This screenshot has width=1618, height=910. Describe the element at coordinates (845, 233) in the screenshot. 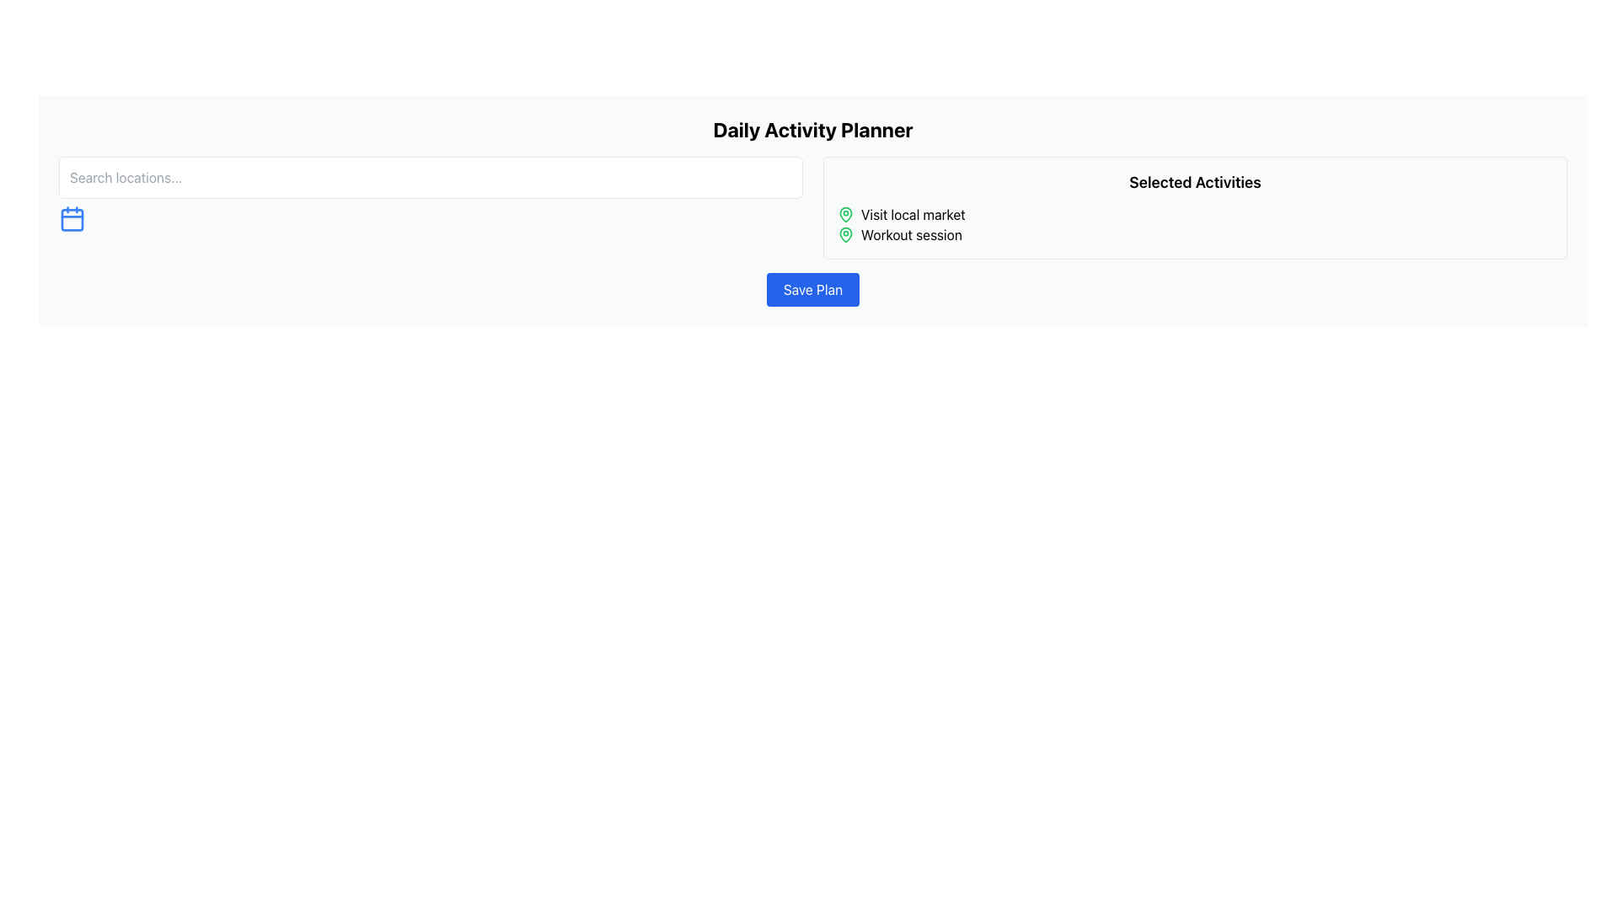

I see `the green location pin icon located to the left of the text 'Visit local market' in the 'Selected Activities' section` at that location.